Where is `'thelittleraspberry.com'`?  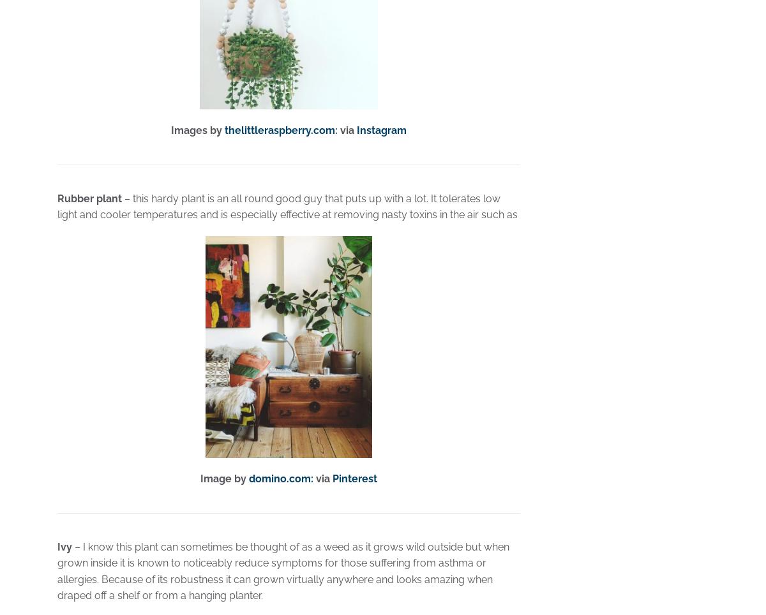 'thelittleraspberry.com' is located at coordinates (280, 130).